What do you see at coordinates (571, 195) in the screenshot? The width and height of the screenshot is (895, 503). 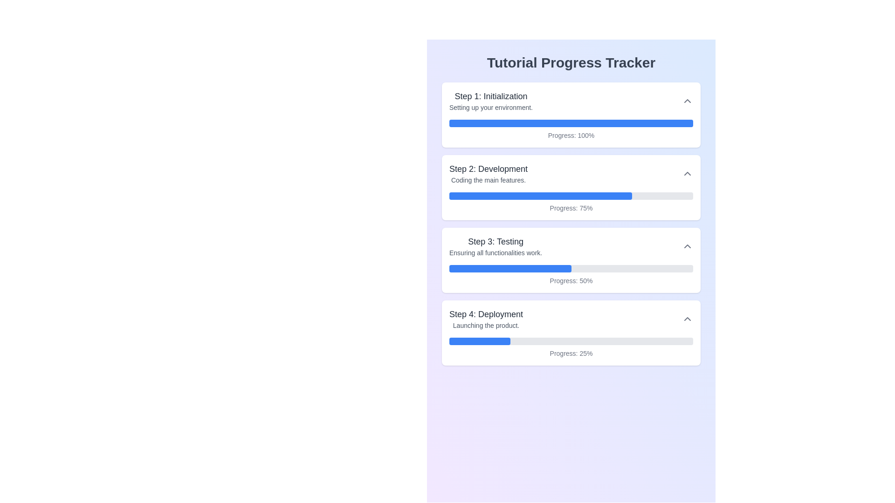 I see `the Progress Bar indicating the completion status for 'Step 2: Development', which is located under the section title and above the text label stating 'Progress: 75%'` at bounding box center [571, 195].